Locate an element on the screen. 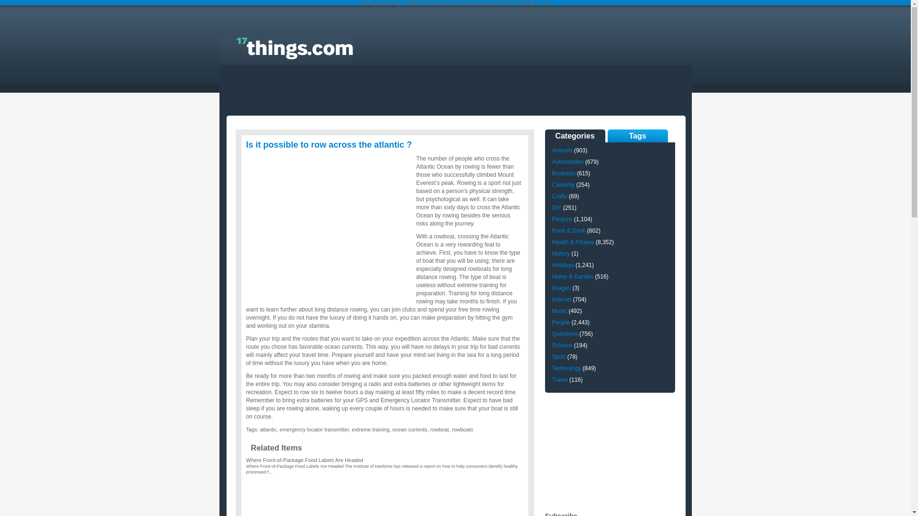 The width and height of the screenshot is (918, 516). 'Images' is located at coordinates (561, 287).